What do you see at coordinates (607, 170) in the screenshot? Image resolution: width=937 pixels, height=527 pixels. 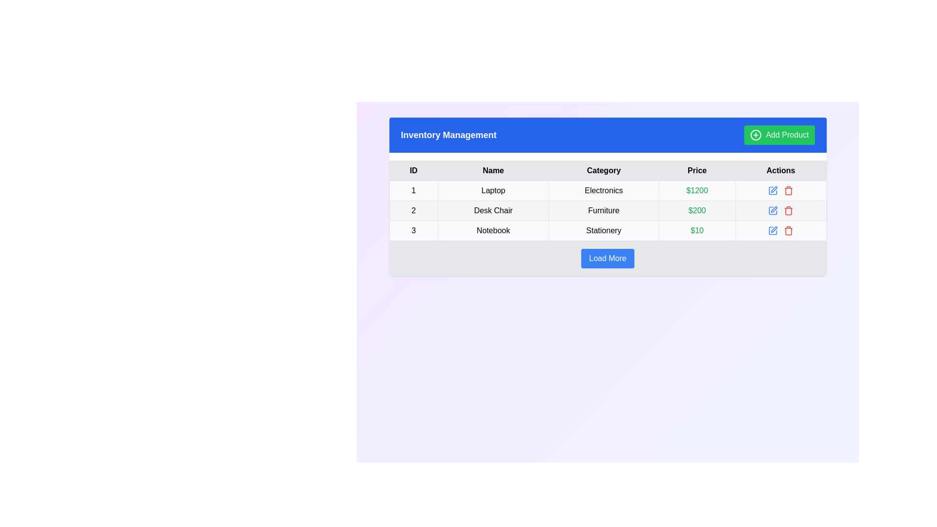 I see `the Table Header Row, which is located directly beneath the 'Inventory Management' title and spans the entire width of the table` at bounding box center [607, 170].